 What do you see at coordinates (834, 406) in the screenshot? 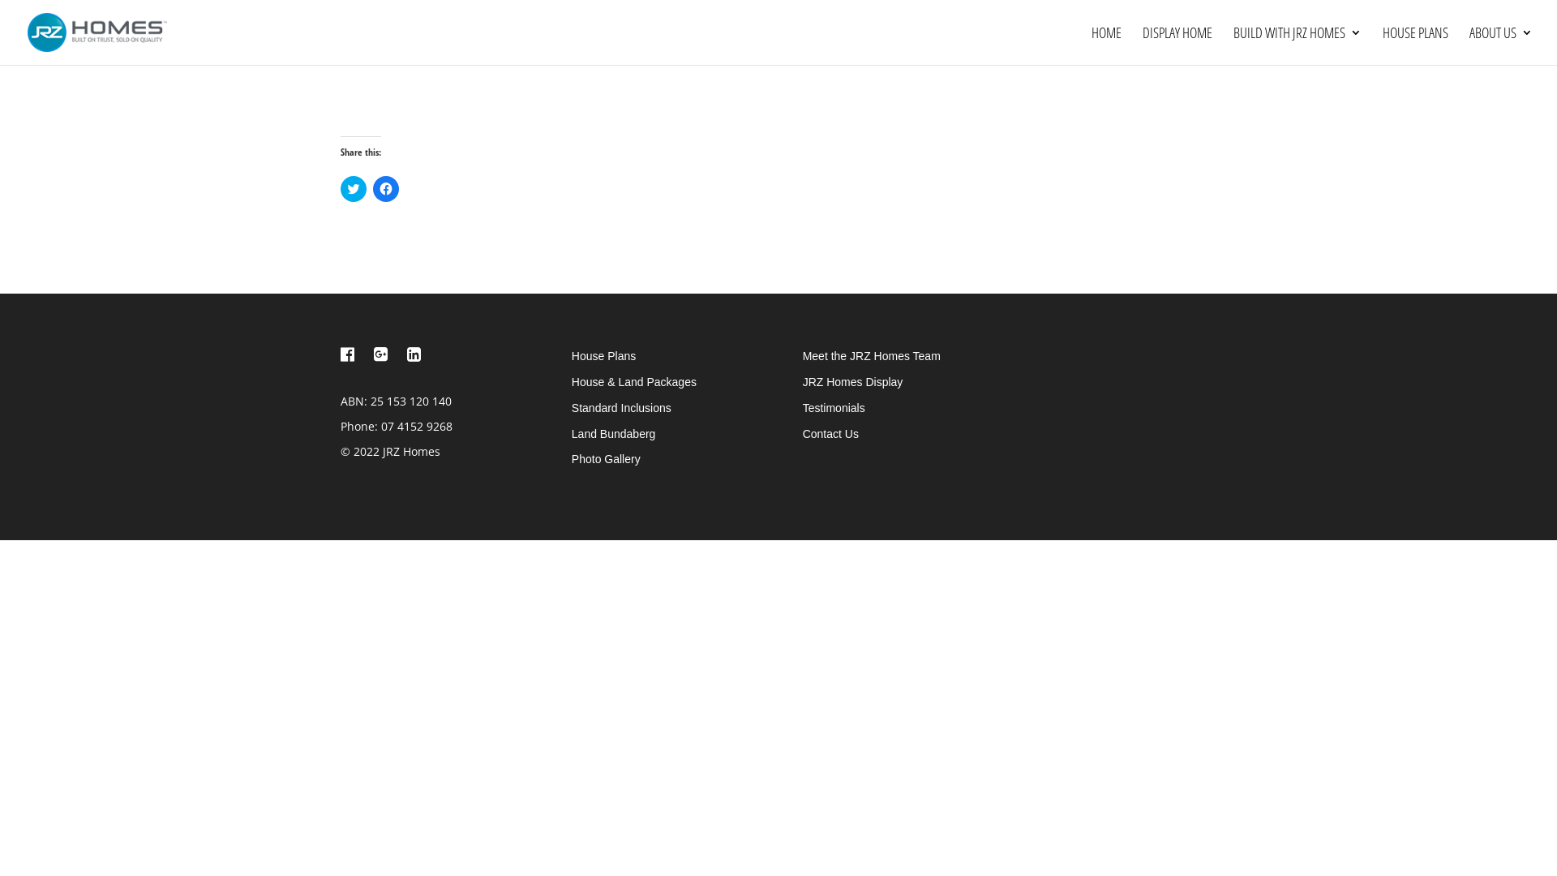
I see `'Testimonials'` at bounding box center [834, 406].